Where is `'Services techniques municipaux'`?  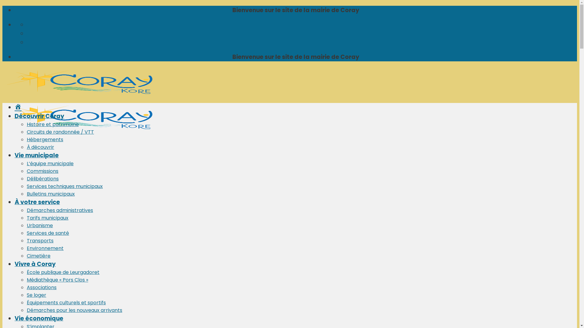 'Services techniques municipaux' is located at coordinates (26, 186).